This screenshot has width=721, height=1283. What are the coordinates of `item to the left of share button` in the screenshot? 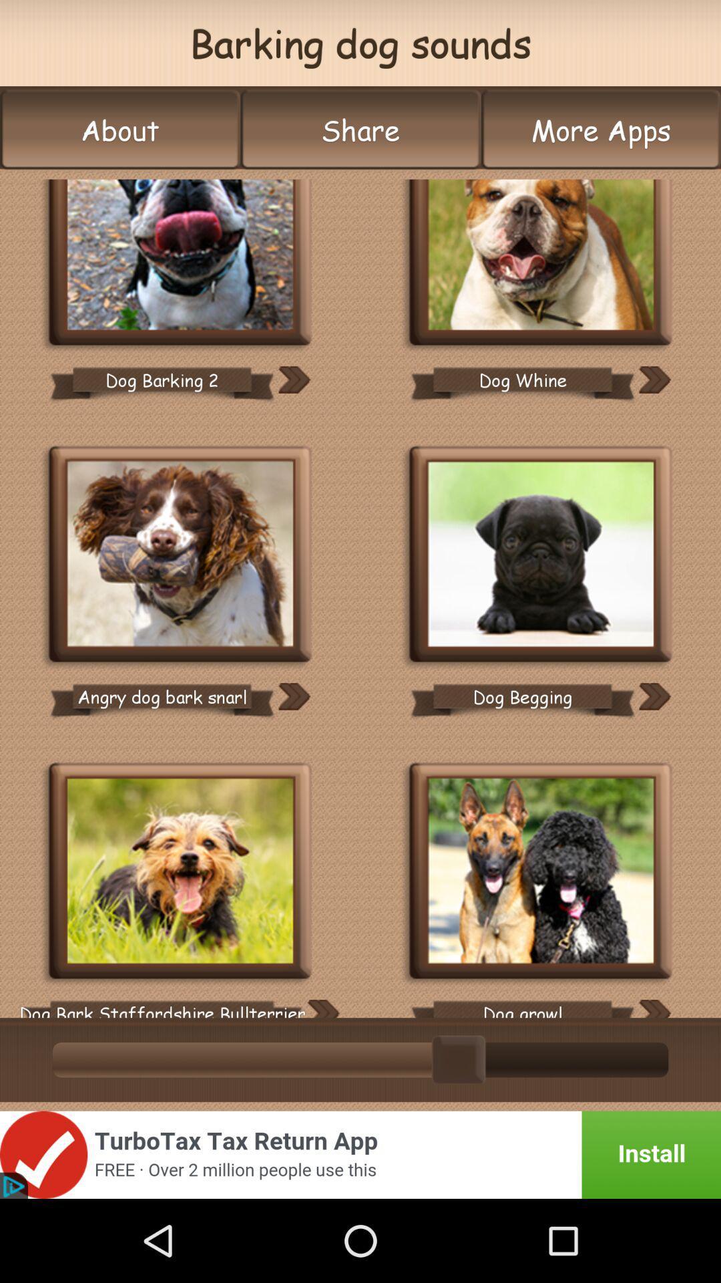 It's located at (120, 130).